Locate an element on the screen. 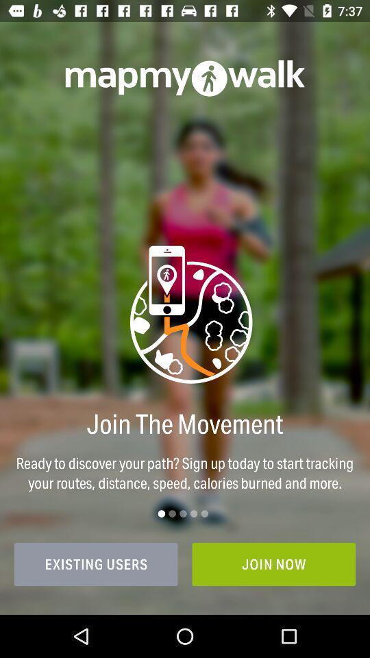 The height and width of the screenshot is (658, 370). icon at the bottom left corner is located at coordinates (95, 564).